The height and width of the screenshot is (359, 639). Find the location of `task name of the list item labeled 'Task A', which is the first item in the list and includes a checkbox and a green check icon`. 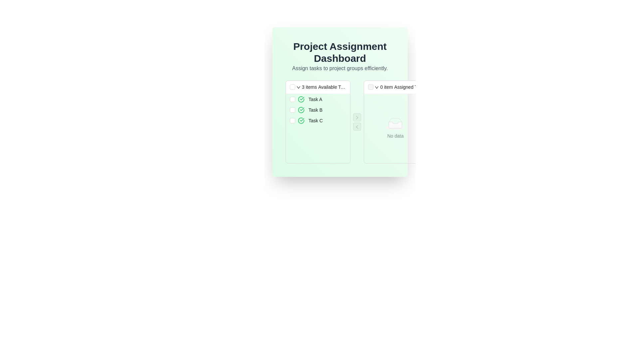

task name of the list item labeled 'Task A', which is the first item in the list and includes a checkbox and a green check icon is located at coordinates (318, 99).